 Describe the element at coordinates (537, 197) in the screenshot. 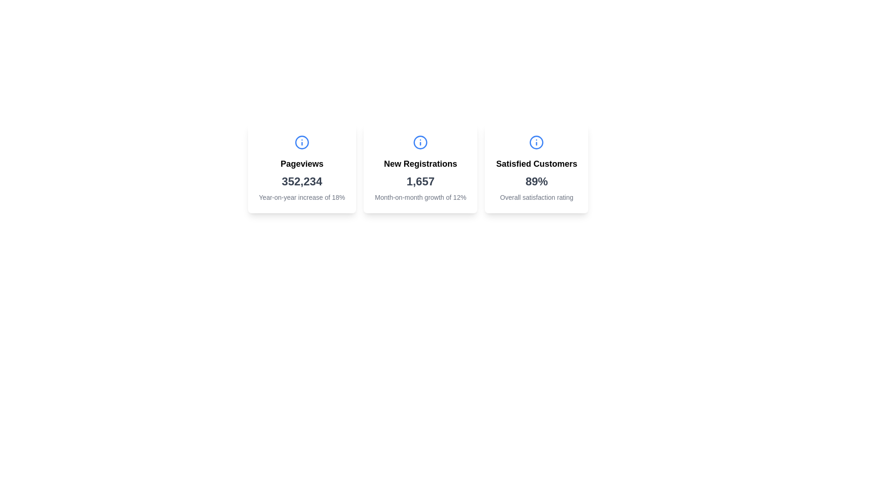

I see `the Static Text Label located at the bottom of the rightmost card, below the '89%' text, to possibly highlight or see additional information` at that location.